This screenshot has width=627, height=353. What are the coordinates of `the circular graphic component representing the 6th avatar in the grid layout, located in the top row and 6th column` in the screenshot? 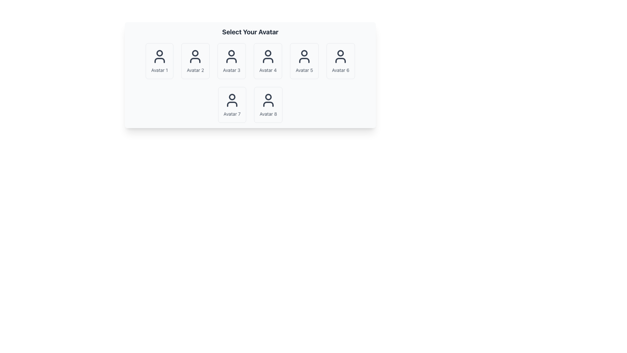 It's located at (340, 53).